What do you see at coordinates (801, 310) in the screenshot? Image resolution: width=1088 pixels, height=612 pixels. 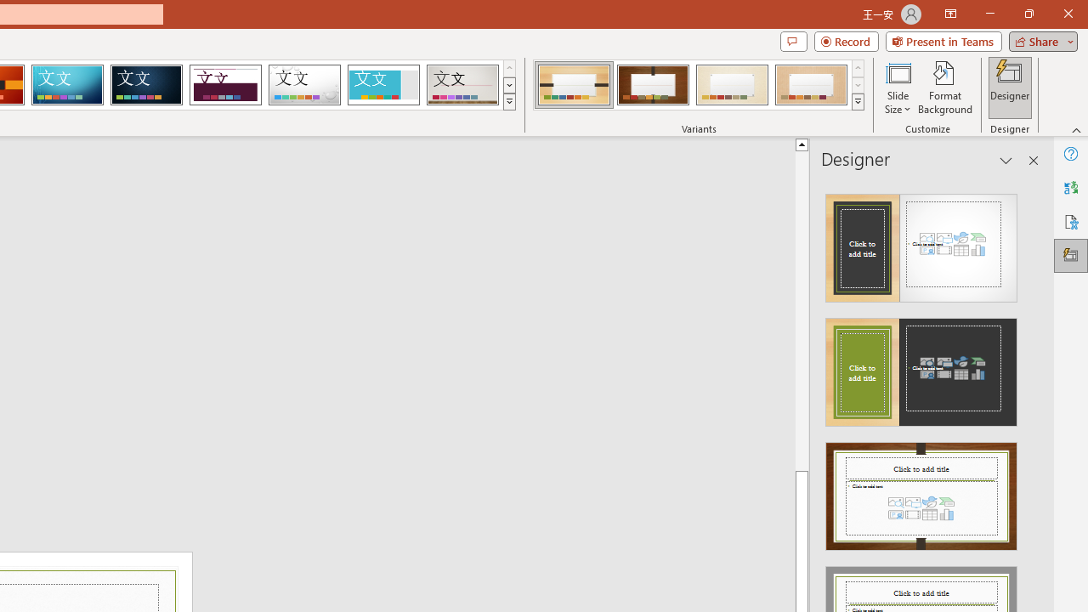 I see `'Page up'` at bounding box center [801, 310].